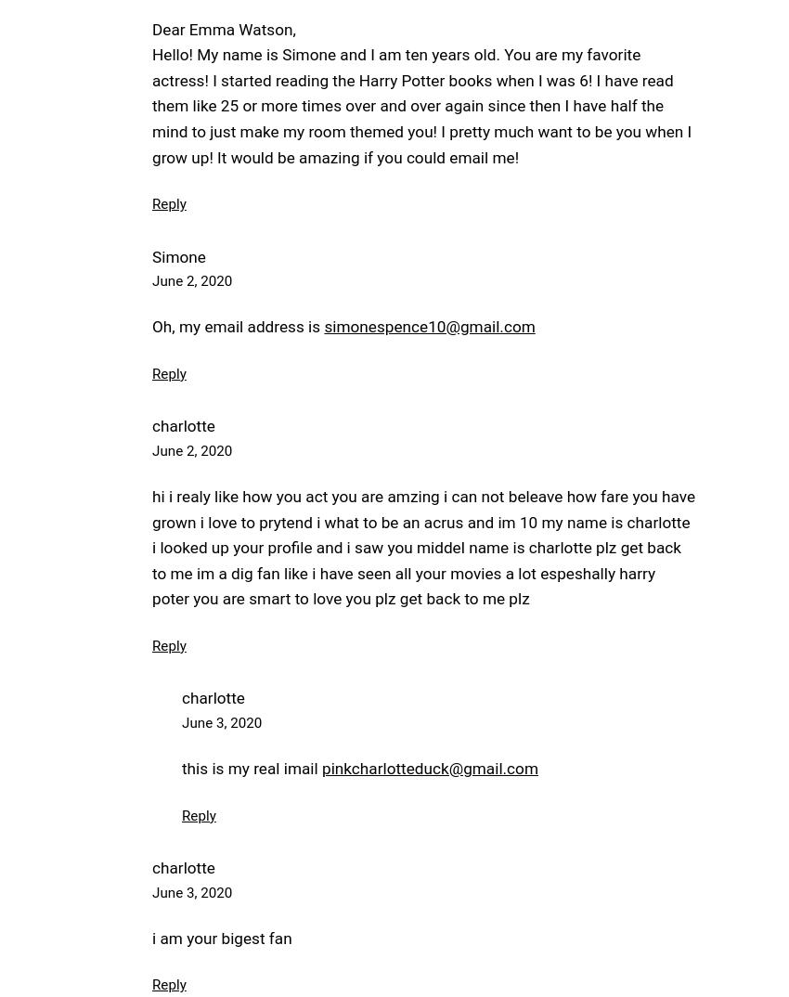  What do you see at coordinates (151, 256) in the screenshot?
I see `'Simone'` at bounding box center [151, 256].